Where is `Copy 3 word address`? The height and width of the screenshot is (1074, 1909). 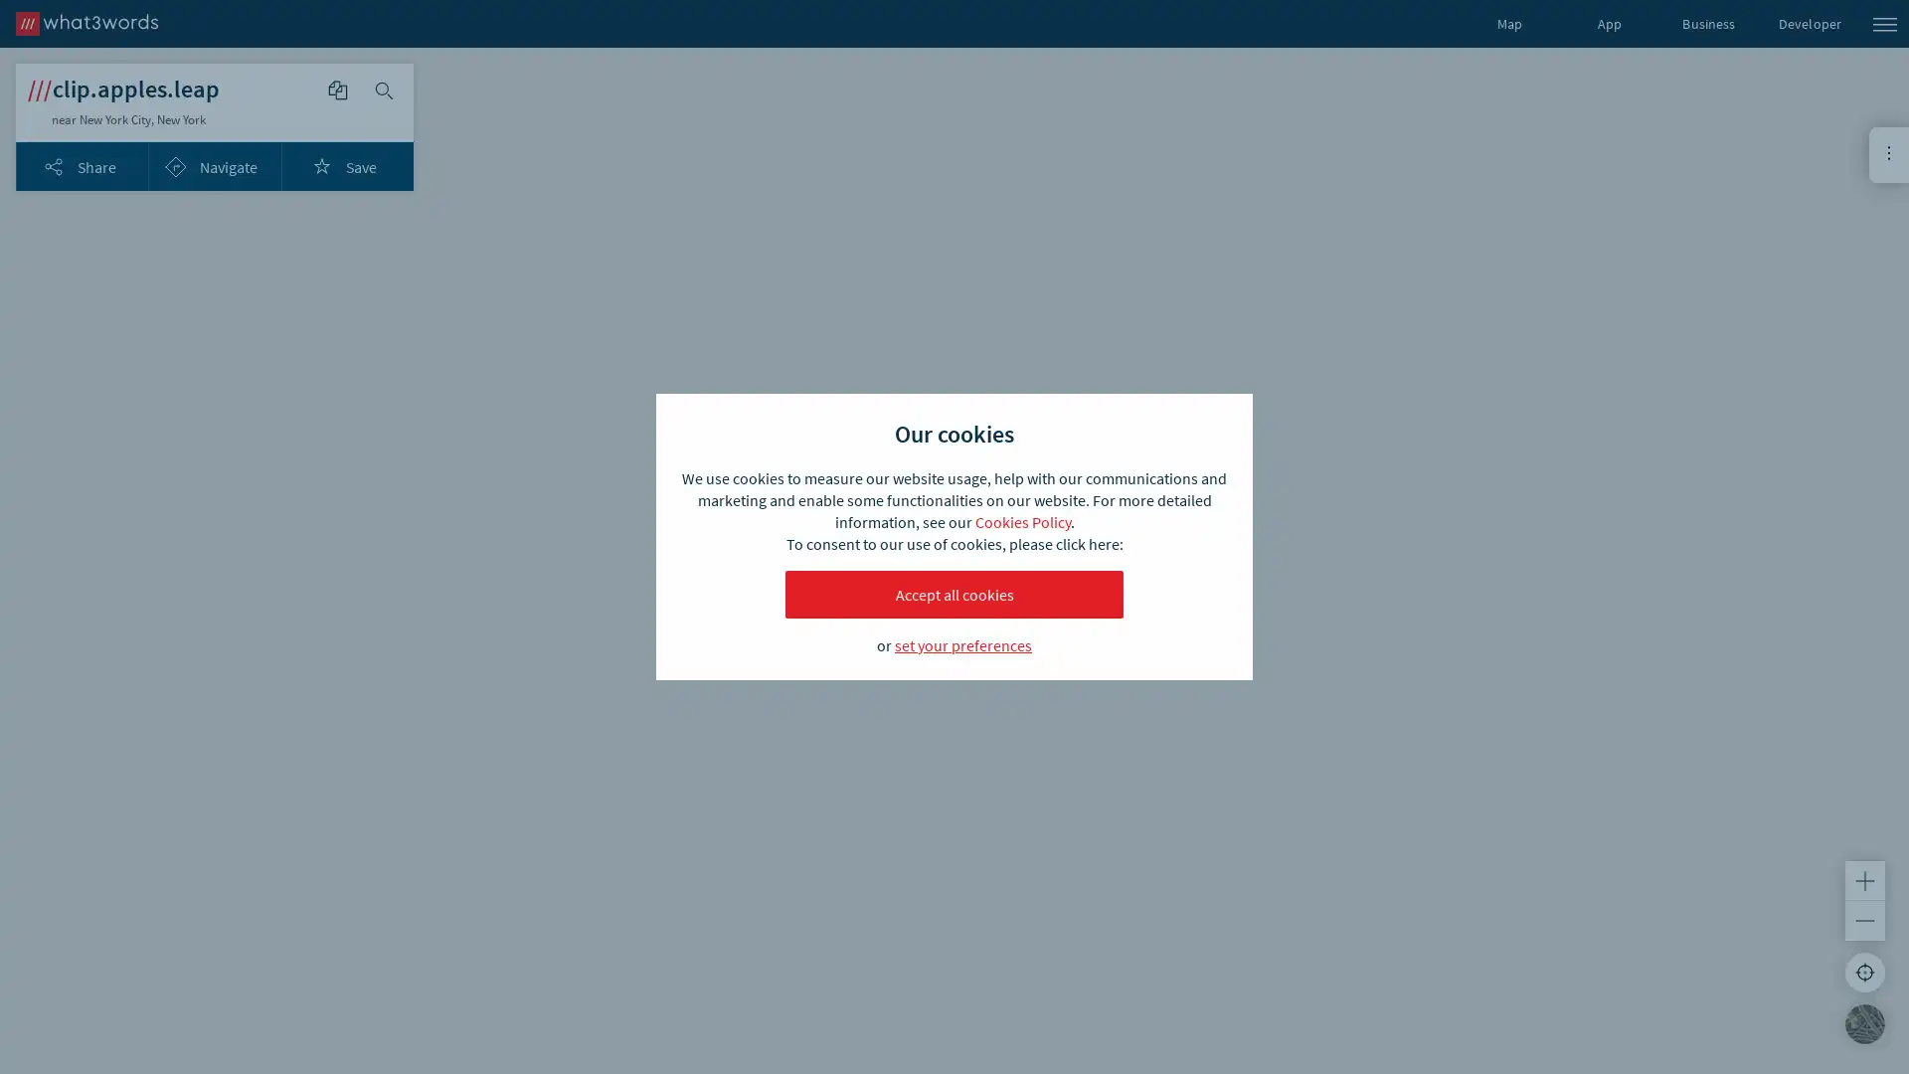 Copy 3 word address is located at coordinates (338, 90).